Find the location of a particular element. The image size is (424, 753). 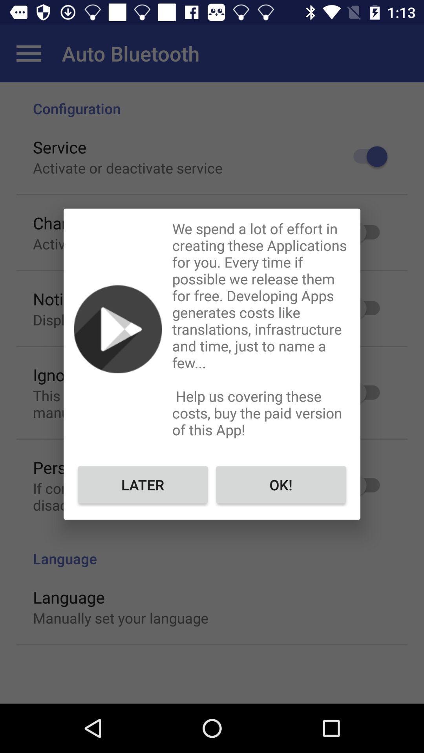

the ok! is located at coordinates (280, 484).